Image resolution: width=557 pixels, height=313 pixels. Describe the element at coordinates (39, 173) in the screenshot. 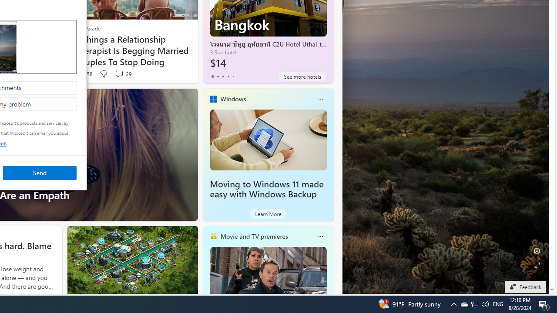

I see `'Send'` at that location.